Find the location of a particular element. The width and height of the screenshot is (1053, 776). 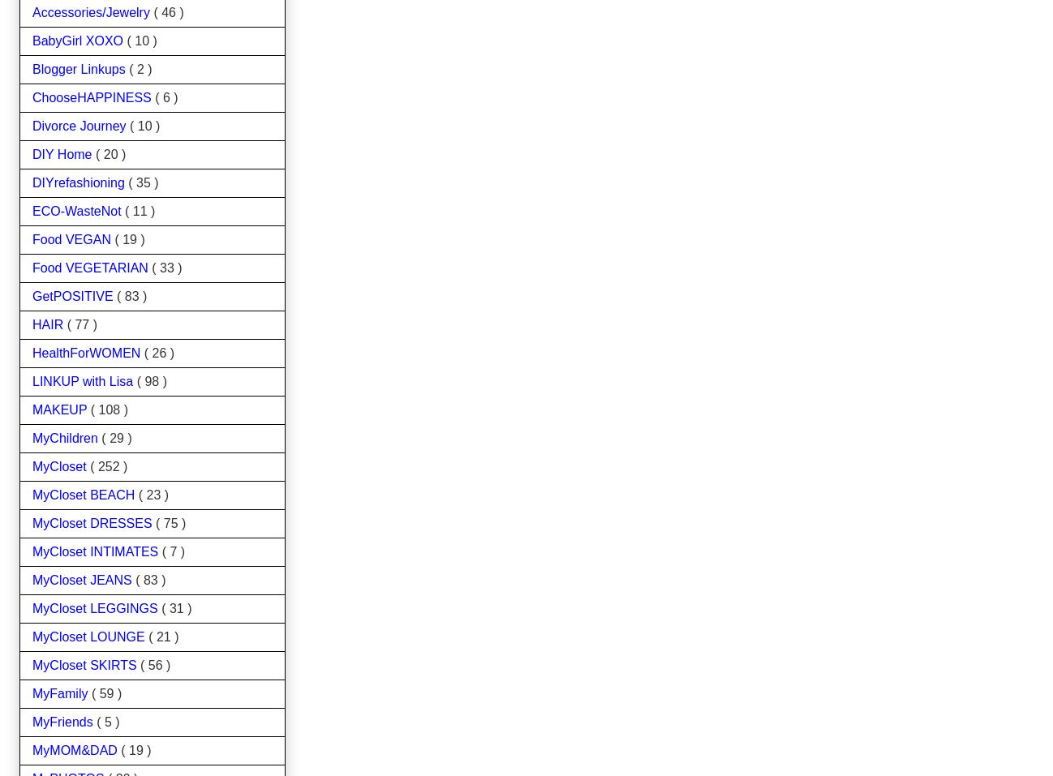

'(
                      20
                      )' is located at coordinates (110, 153).